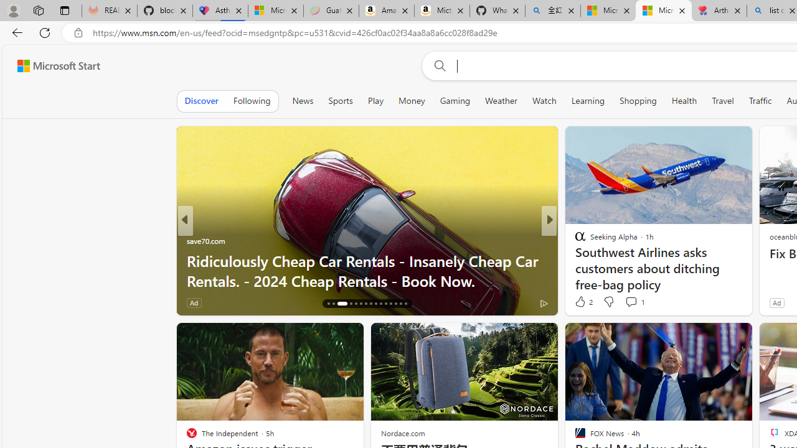 The image size is (797, 448). What do you see at coordinates (683, 100) in the screenshot?
I see `'Health'` at bounding box center [683, 100].